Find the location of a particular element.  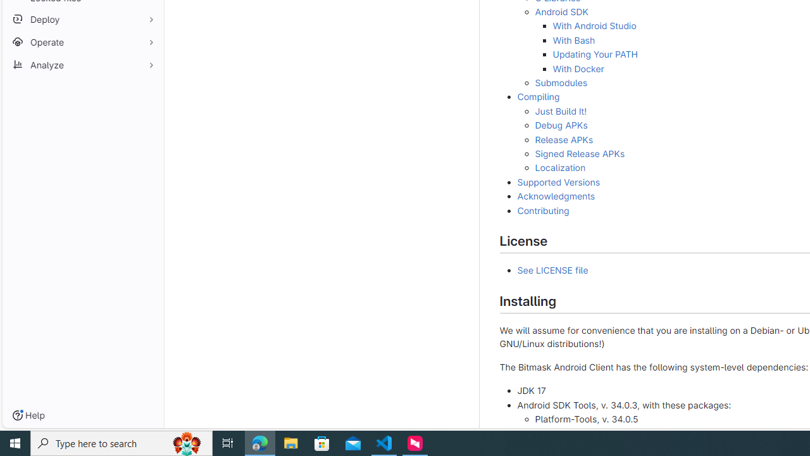

'Compiling' is located at coordinates (538, 96).